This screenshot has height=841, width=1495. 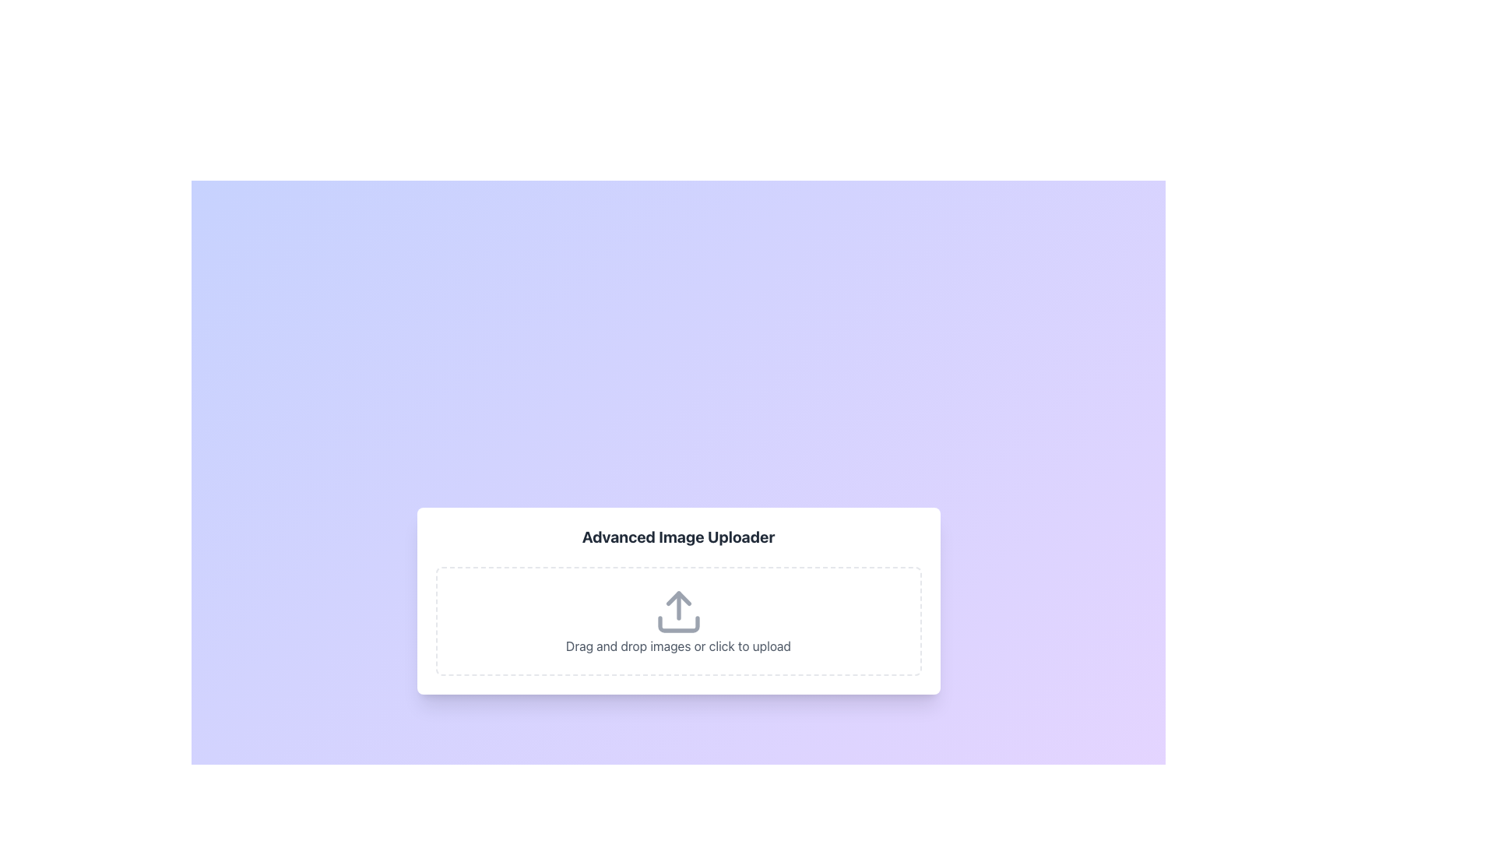 What do you see at coordinates (678, 611) in the screenshot?
I see `the upload SVG icon located at the center of the bordered dashed rectangle` at bounding box center [678, 611].